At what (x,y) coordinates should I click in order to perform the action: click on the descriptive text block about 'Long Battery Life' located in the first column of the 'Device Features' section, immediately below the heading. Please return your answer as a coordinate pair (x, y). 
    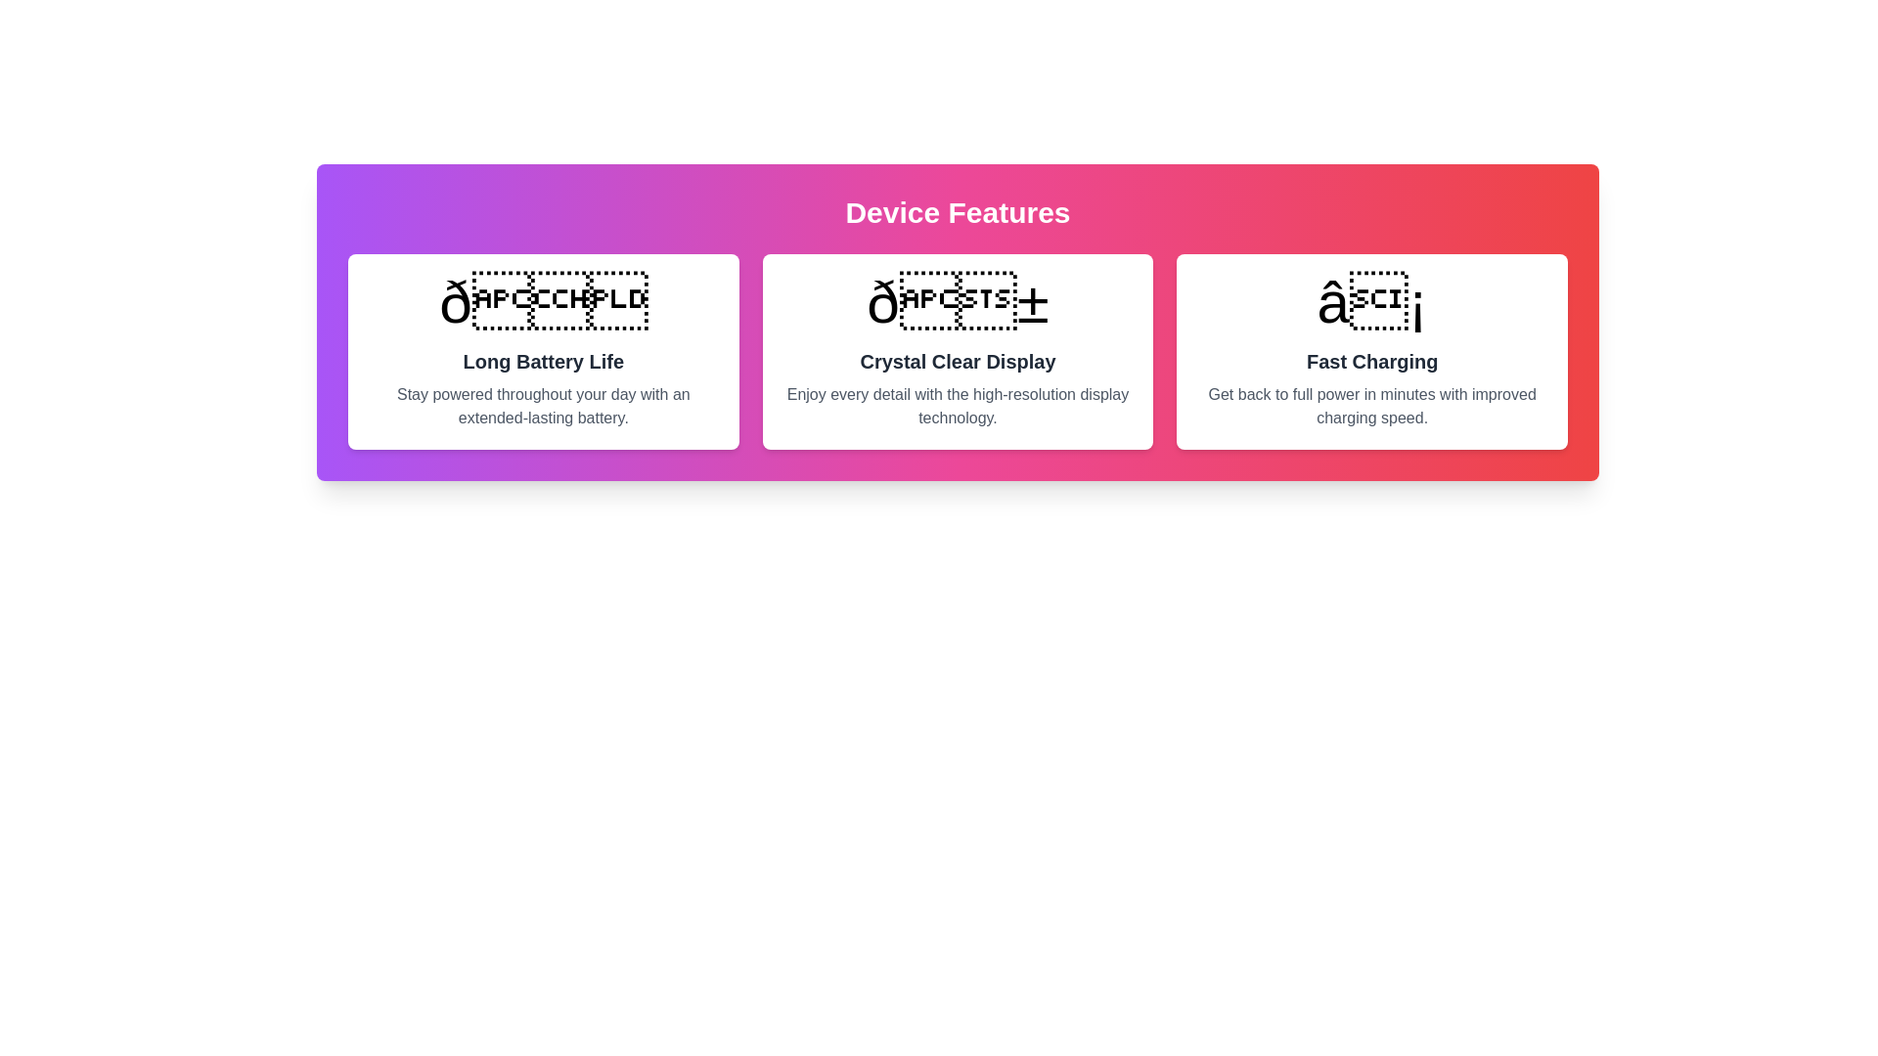
    Looking at the image, I should click on (543, 406).